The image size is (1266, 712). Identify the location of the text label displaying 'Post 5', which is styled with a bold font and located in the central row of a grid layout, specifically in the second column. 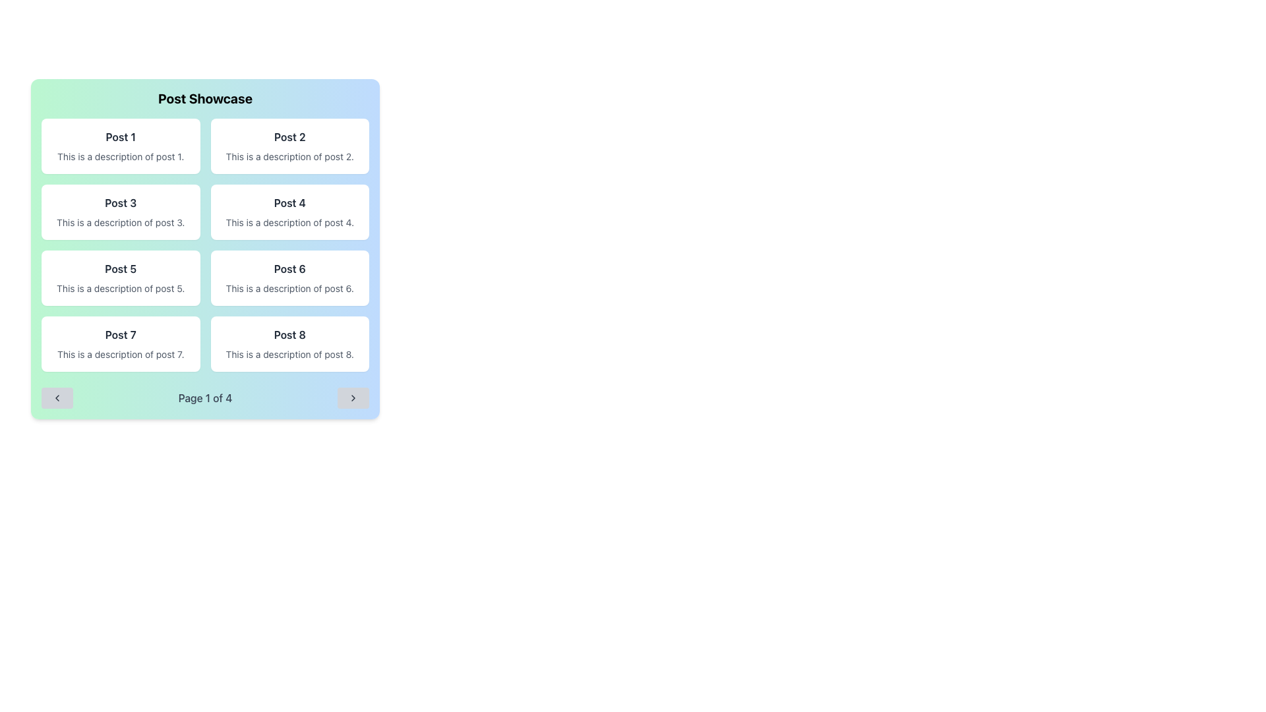
(121, 268).